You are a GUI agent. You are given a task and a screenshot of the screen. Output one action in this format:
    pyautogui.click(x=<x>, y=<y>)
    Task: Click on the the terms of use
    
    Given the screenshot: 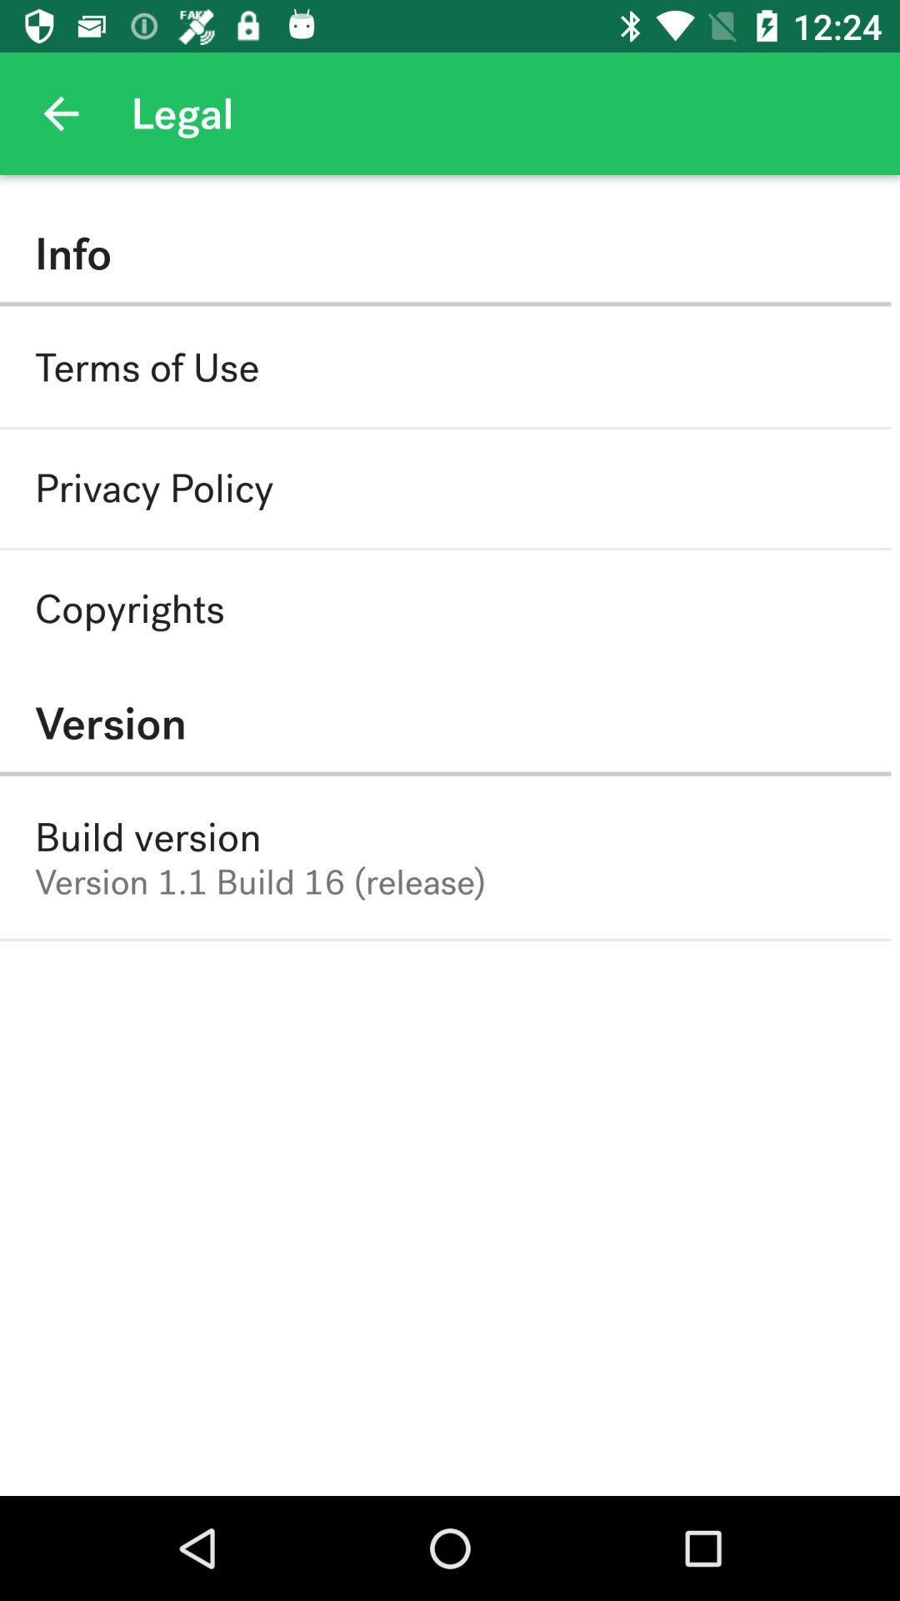 What is the action you would take?
    pyautogui.click(x=146, y=367)
    